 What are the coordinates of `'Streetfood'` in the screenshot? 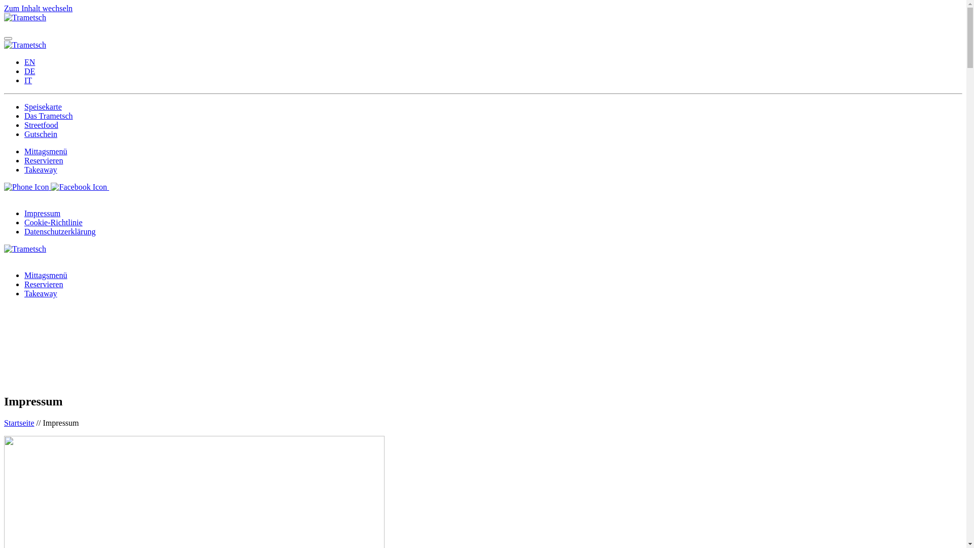 It's located at (41, 124).